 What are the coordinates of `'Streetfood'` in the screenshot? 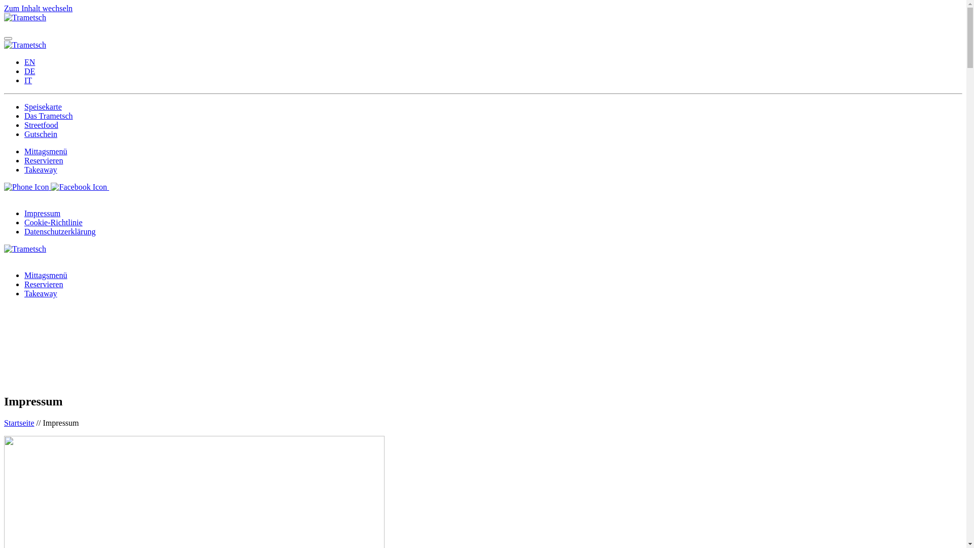 It's located at (41, 124).